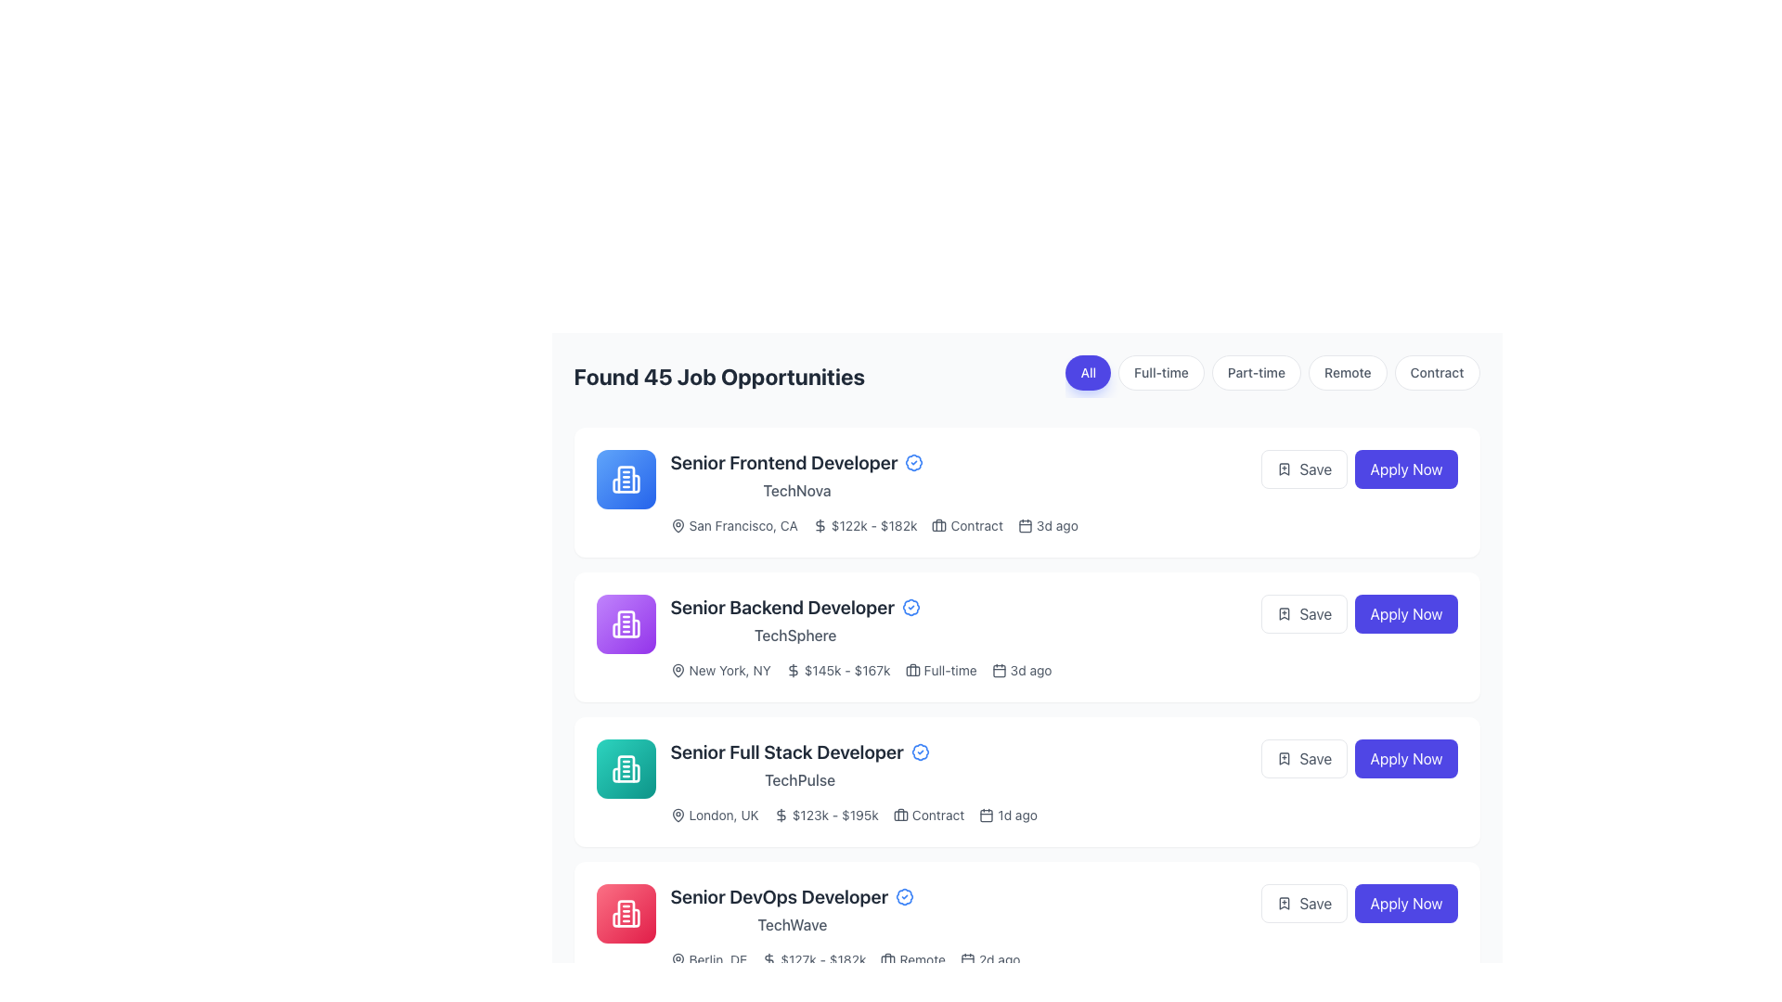  I want to click on the map pin icon, which is a minimalist design with a pointed bottom located to the left of the 'Berlin, DE' text in the last job listing, so click(677, 959).